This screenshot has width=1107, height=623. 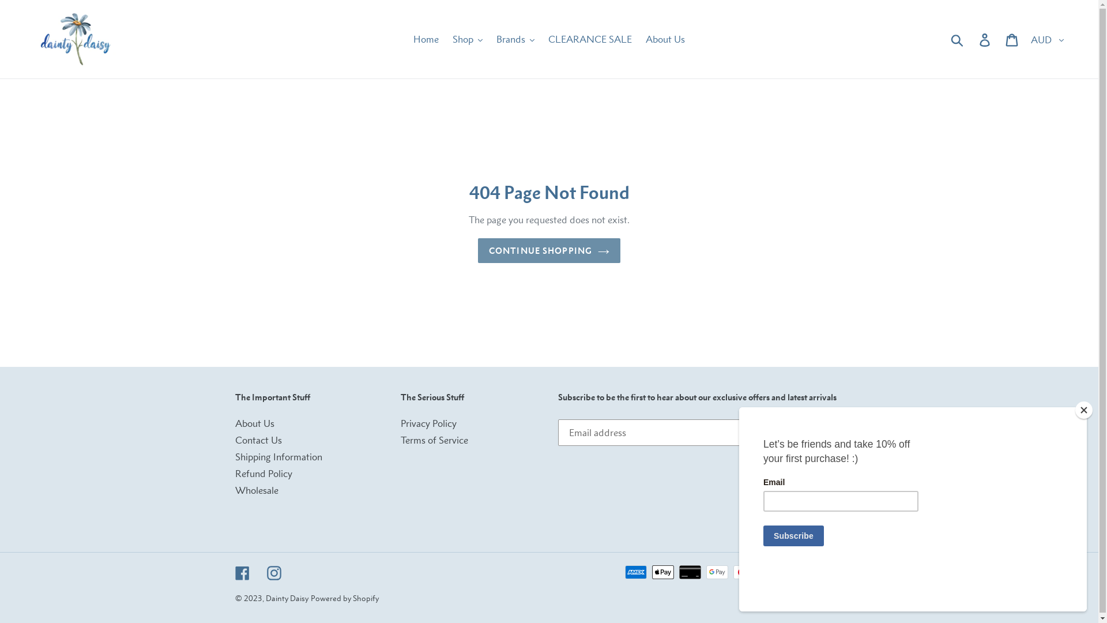 I want to click on 'CLEARANCE SALE', so click(x=590, y=39).